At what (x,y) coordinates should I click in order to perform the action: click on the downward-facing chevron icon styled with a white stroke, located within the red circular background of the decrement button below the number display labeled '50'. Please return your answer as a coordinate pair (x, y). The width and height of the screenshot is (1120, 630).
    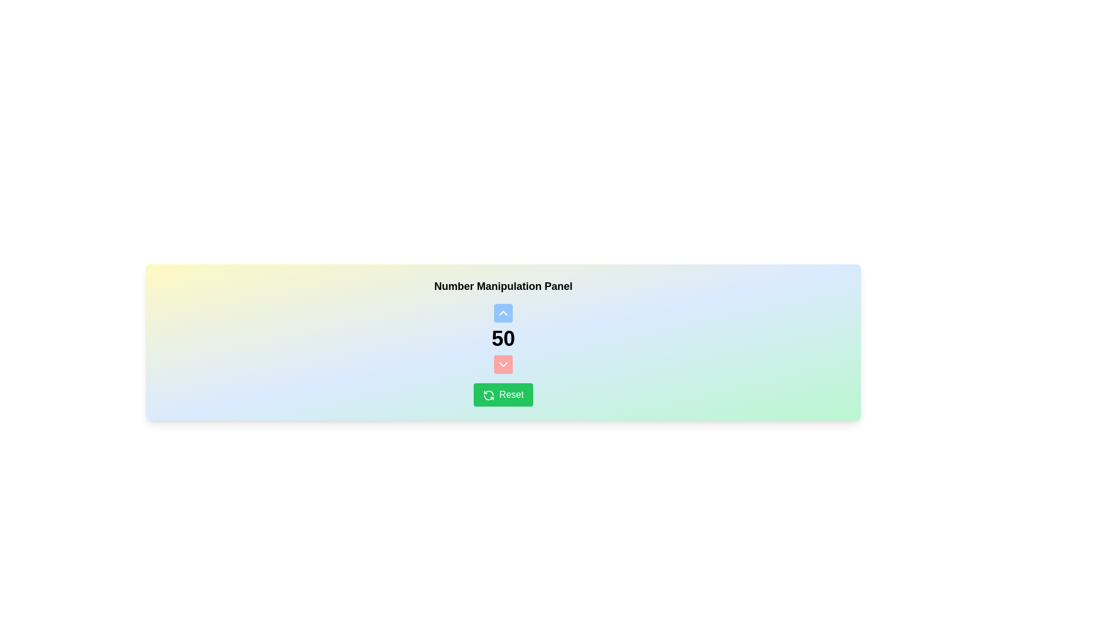
    Looking at the image, I should click on (503, 363).